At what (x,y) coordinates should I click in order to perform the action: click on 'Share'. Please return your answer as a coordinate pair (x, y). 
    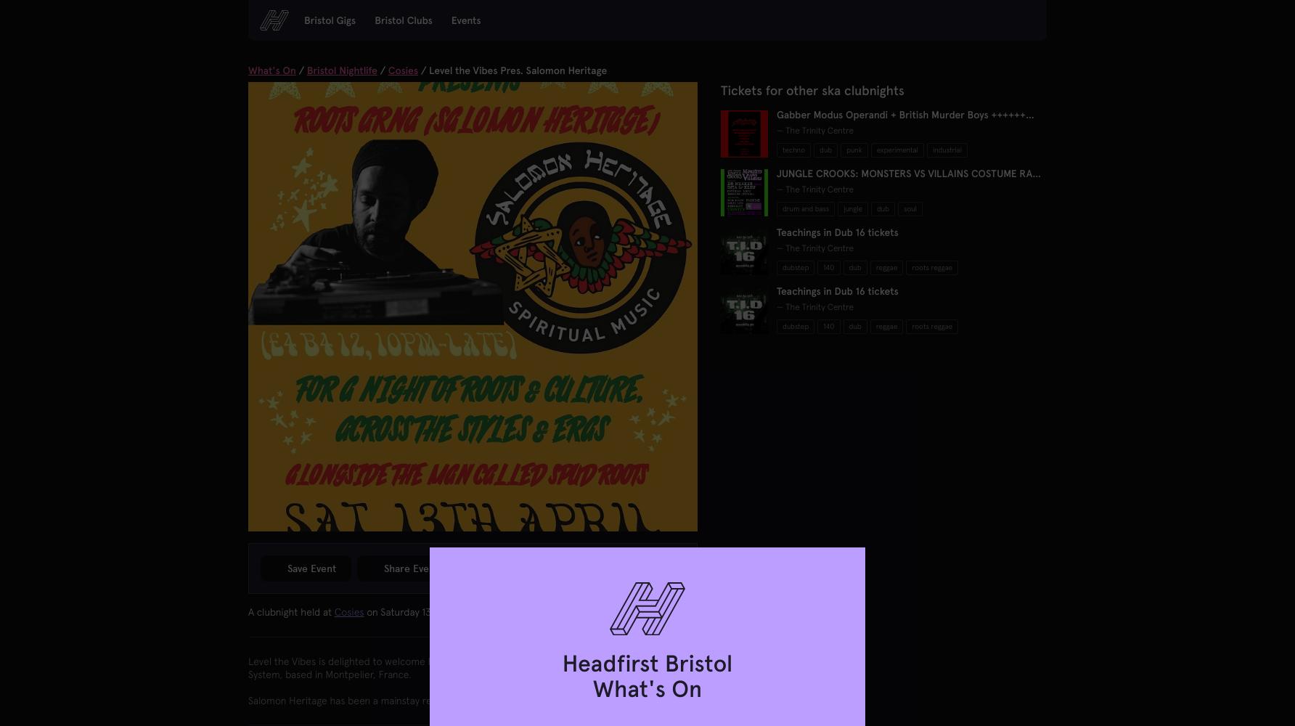
    Looking at the image, I should click on (398, 568).